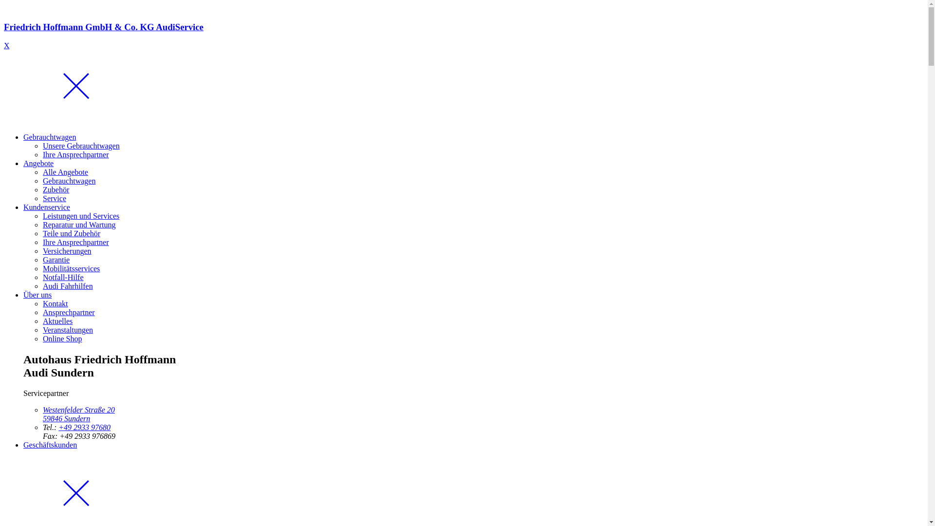 The height and width of the screenshot is (526, 935). What do you see at coordinates (49, 137) in the screenshot?
I see `'Gebrauchtwagen'` at bounding box center [49, 137].